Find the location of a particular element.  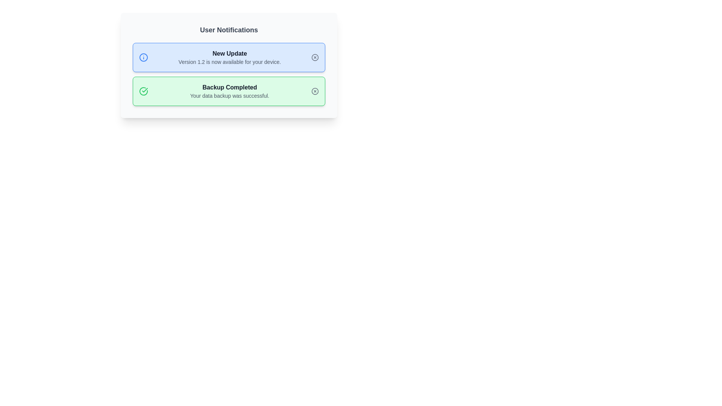

circular green checkmark icon located on the left side of the 'Backup Completed' notification panel to view its structure and attributes is located at coordinates (144, 91).